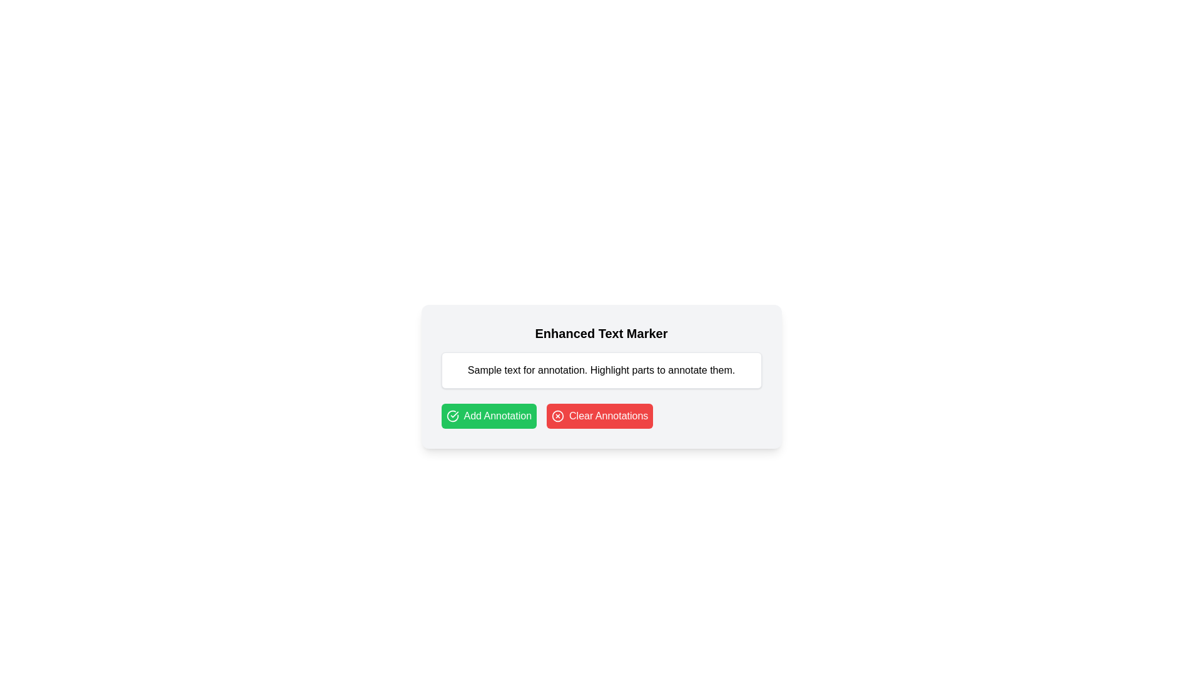 This screenshot has width=1201, height=676. Describe the element at coordinates (614, 369) in the screenshot. I see `the letter 'i' which is the 4th character in the word 'Highlight' within the instructional text paragraph displayed in the middle section of the interface` at that location.